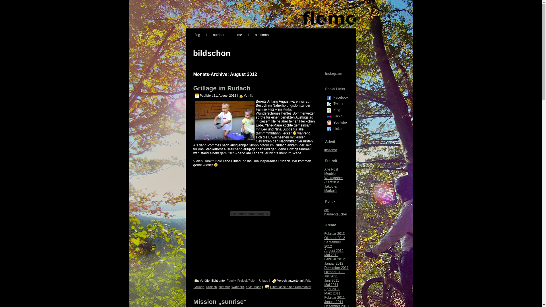 This screenshot has height=307, width=546. What do you see at coordinates (329, 104) in the screenshot?
I see `'Twitter'` at bounding box center [329, 104].